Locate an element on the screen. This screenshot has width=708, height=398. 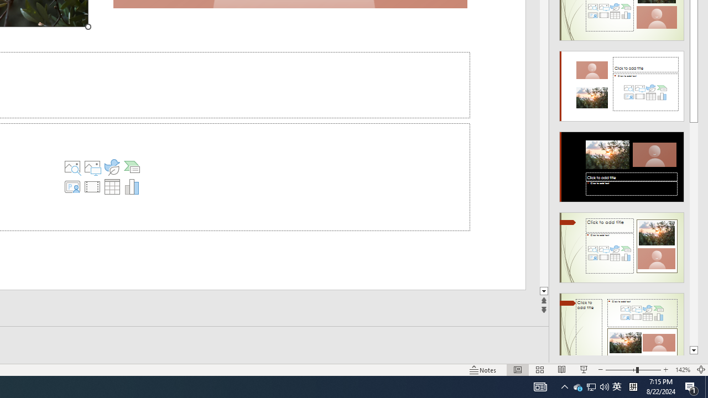
'Insert an Icon' is located at coordinates (112, 167).